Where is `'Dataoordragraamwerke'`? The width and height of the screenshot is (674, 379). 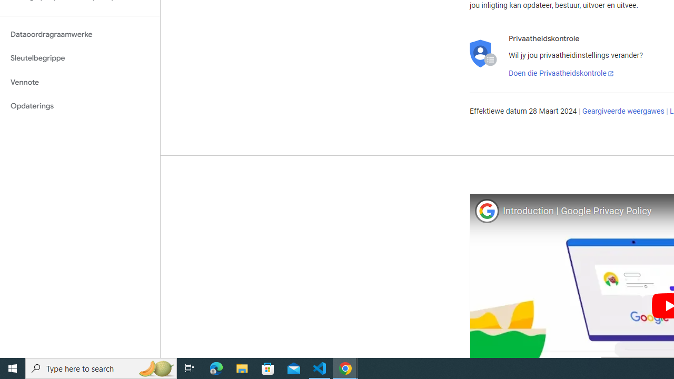 'Dataoordragraamwerke' is located at coordinates (80, 34).